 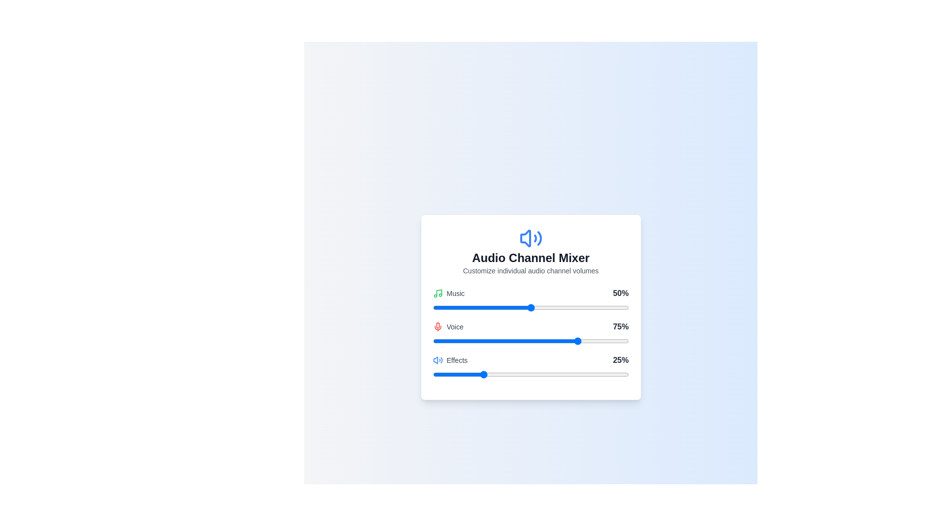 I want to click on effects volume, so click(x=460, y=375).